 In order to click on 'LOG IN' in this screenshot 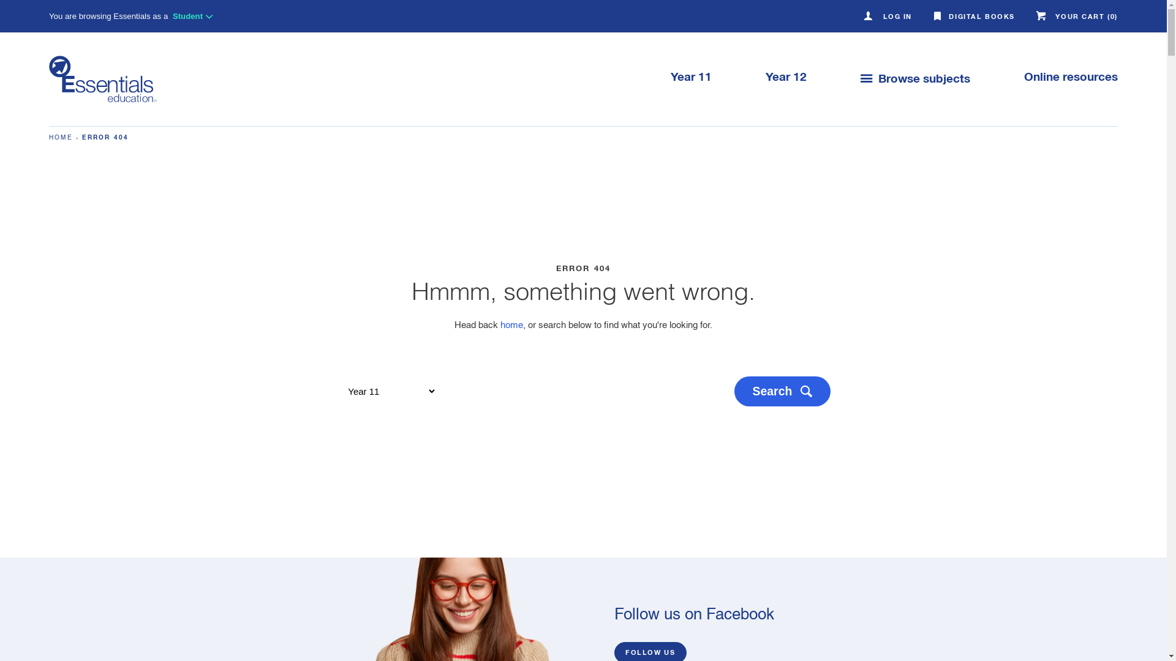, I will do `click(889, 17)`.